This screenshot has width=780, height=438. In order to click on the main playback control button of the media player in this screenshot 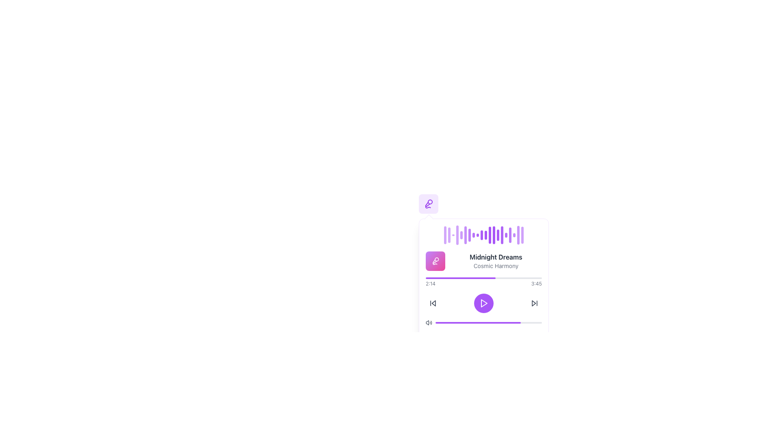, I will do `click(483, 303)`.